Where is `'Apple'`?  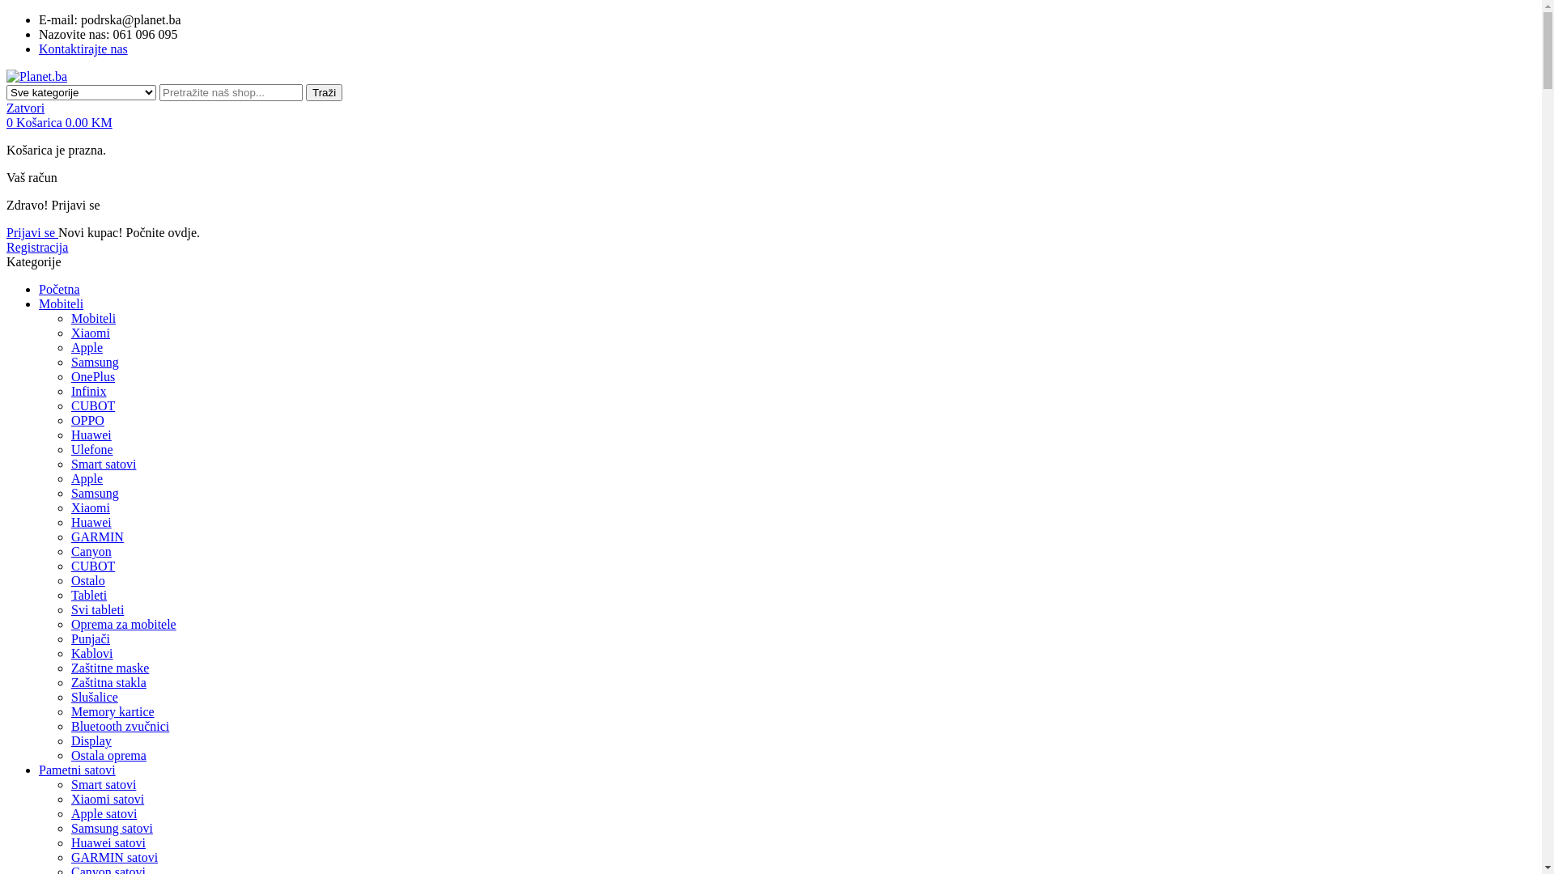 'Apple' is located at coordinates (70, 477).